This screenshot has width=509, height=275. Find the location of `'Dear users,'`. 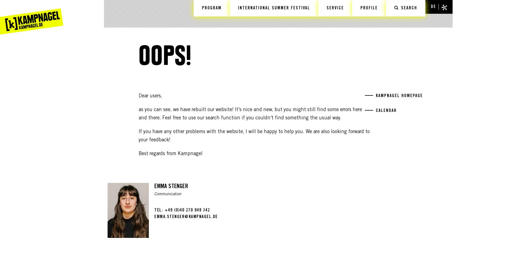

'Dear users,' is located at coordinates (150, 96).